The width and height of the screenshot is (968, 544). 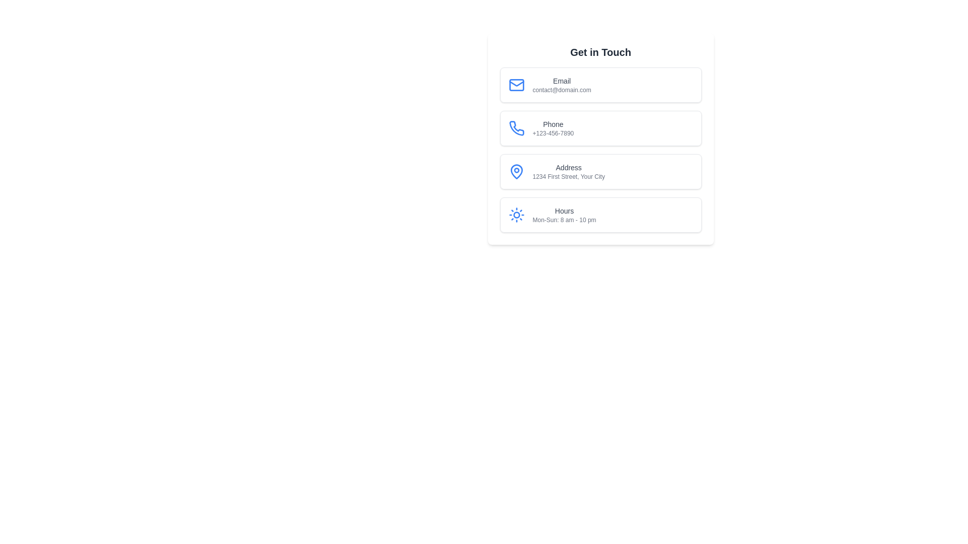 What do you see at coordinates (553, 127) in the screenshot?
I see `the Text display component that shows the phone information, which features 'Phone' in a larger font and the number '+123-456-7890' below it, positioned between the 'Email' and 'Address' sections` at bounding box center [553, 127].